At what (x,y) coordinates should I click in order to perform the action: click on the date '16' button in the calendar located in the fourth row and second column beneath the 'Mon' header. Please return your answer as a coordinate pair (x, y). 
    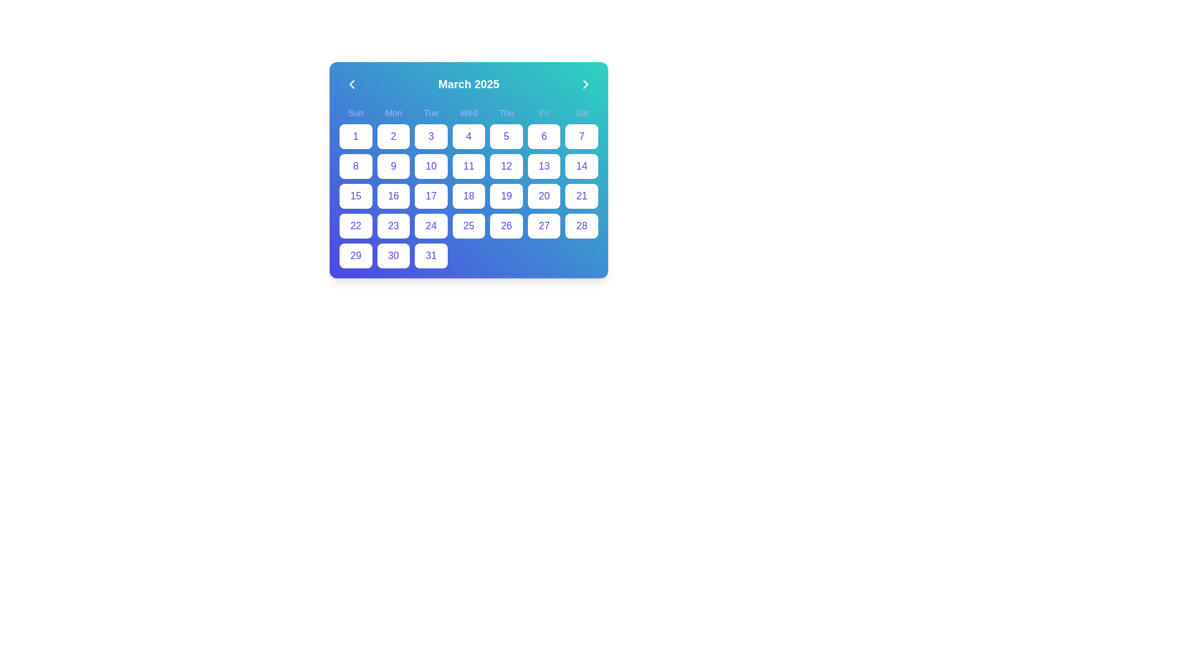
    Looking at the image, I should click on (392, 196).